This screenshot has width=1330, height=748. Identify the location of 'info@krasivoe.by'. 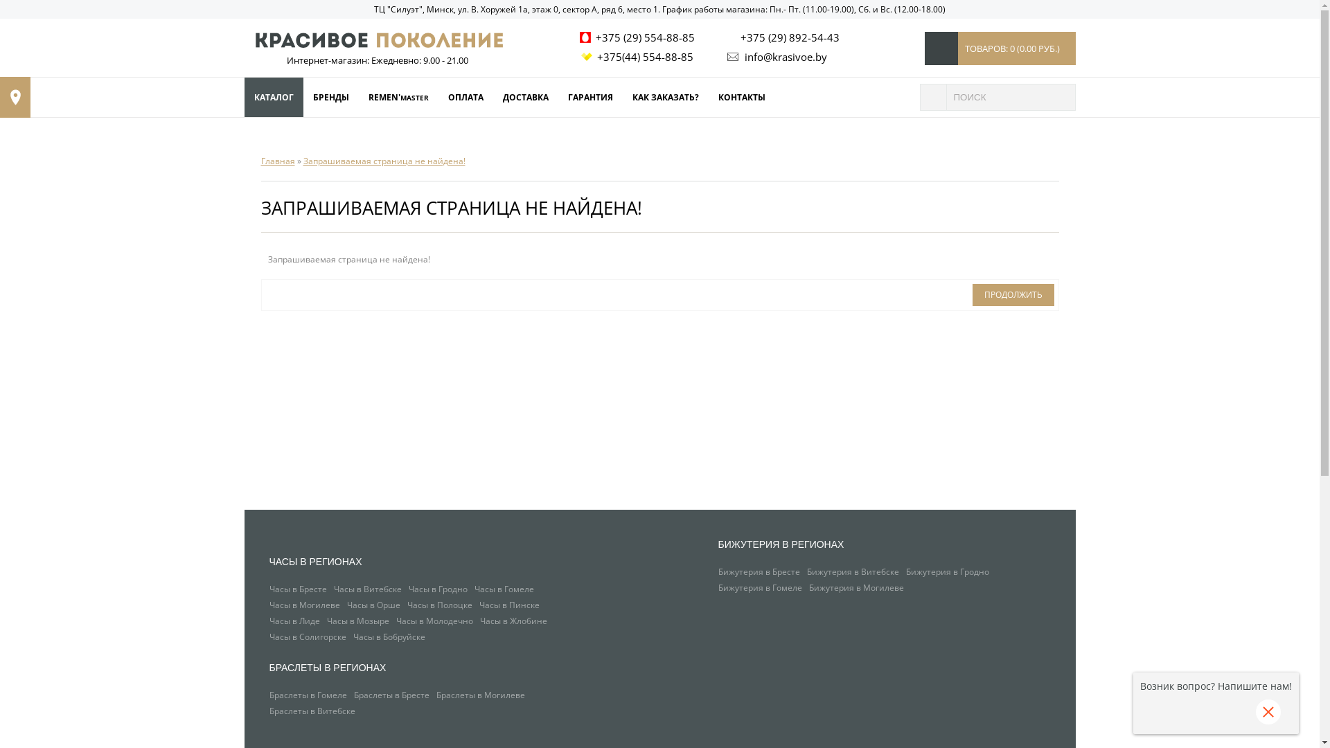
(704, 55).